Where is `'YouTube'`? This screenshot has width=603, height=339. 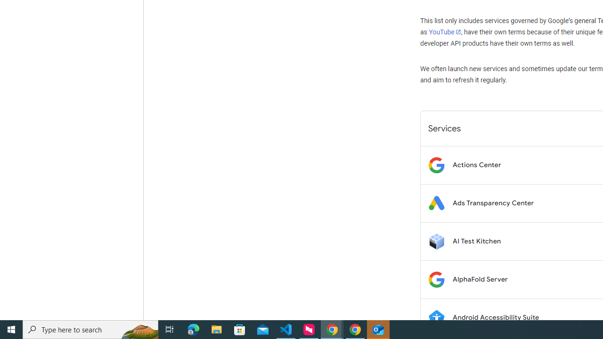
'YouTube' is located at coordinates (444, 32).